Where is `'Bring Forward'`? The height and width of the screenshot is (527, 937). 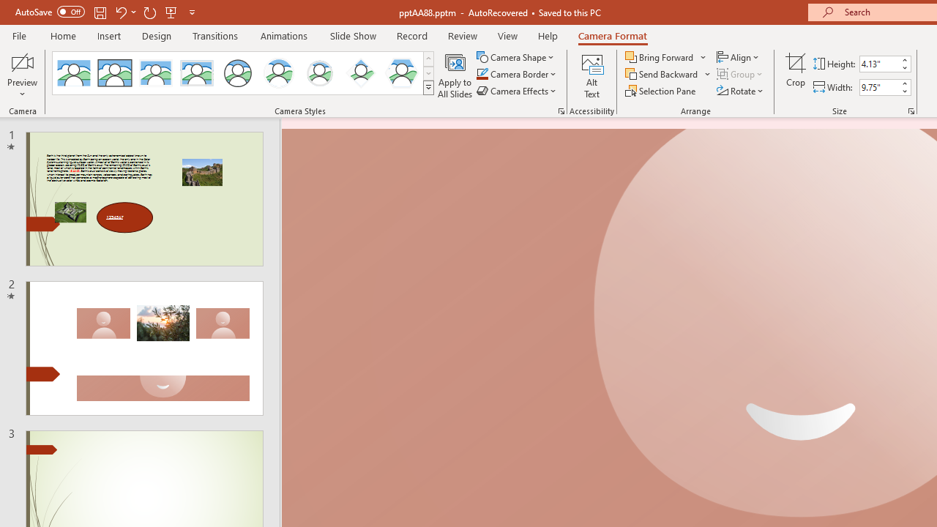 'Bring Forward' is located at coordinates (665, 56).